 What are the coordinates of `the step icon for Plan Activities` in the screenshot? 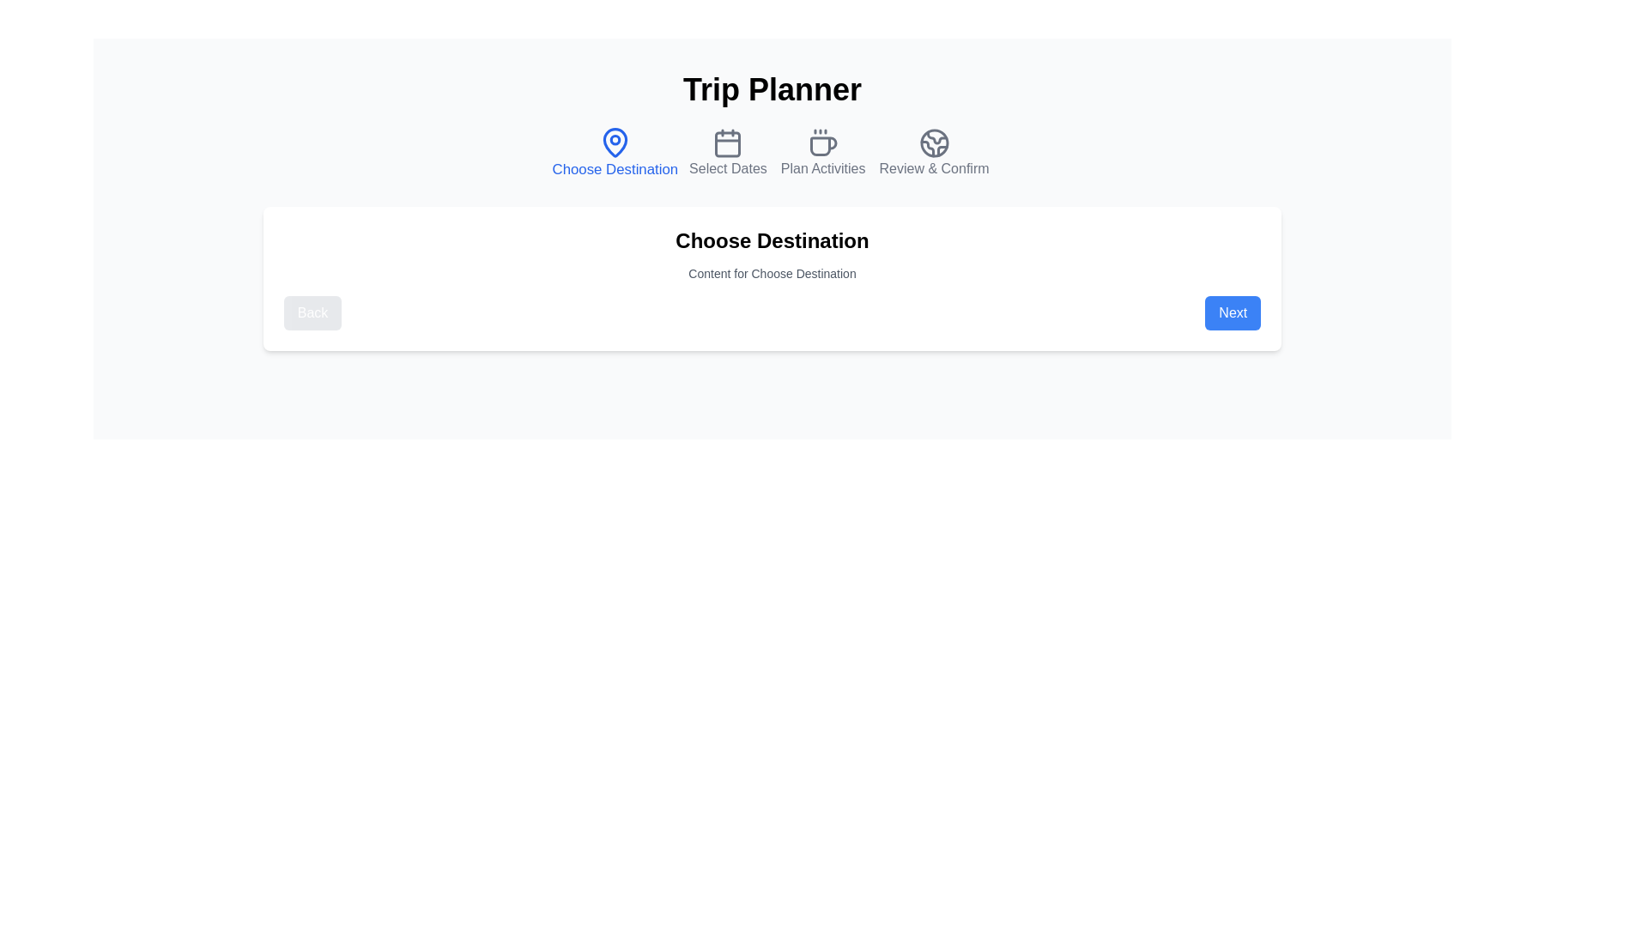 It's located at (822, 152).